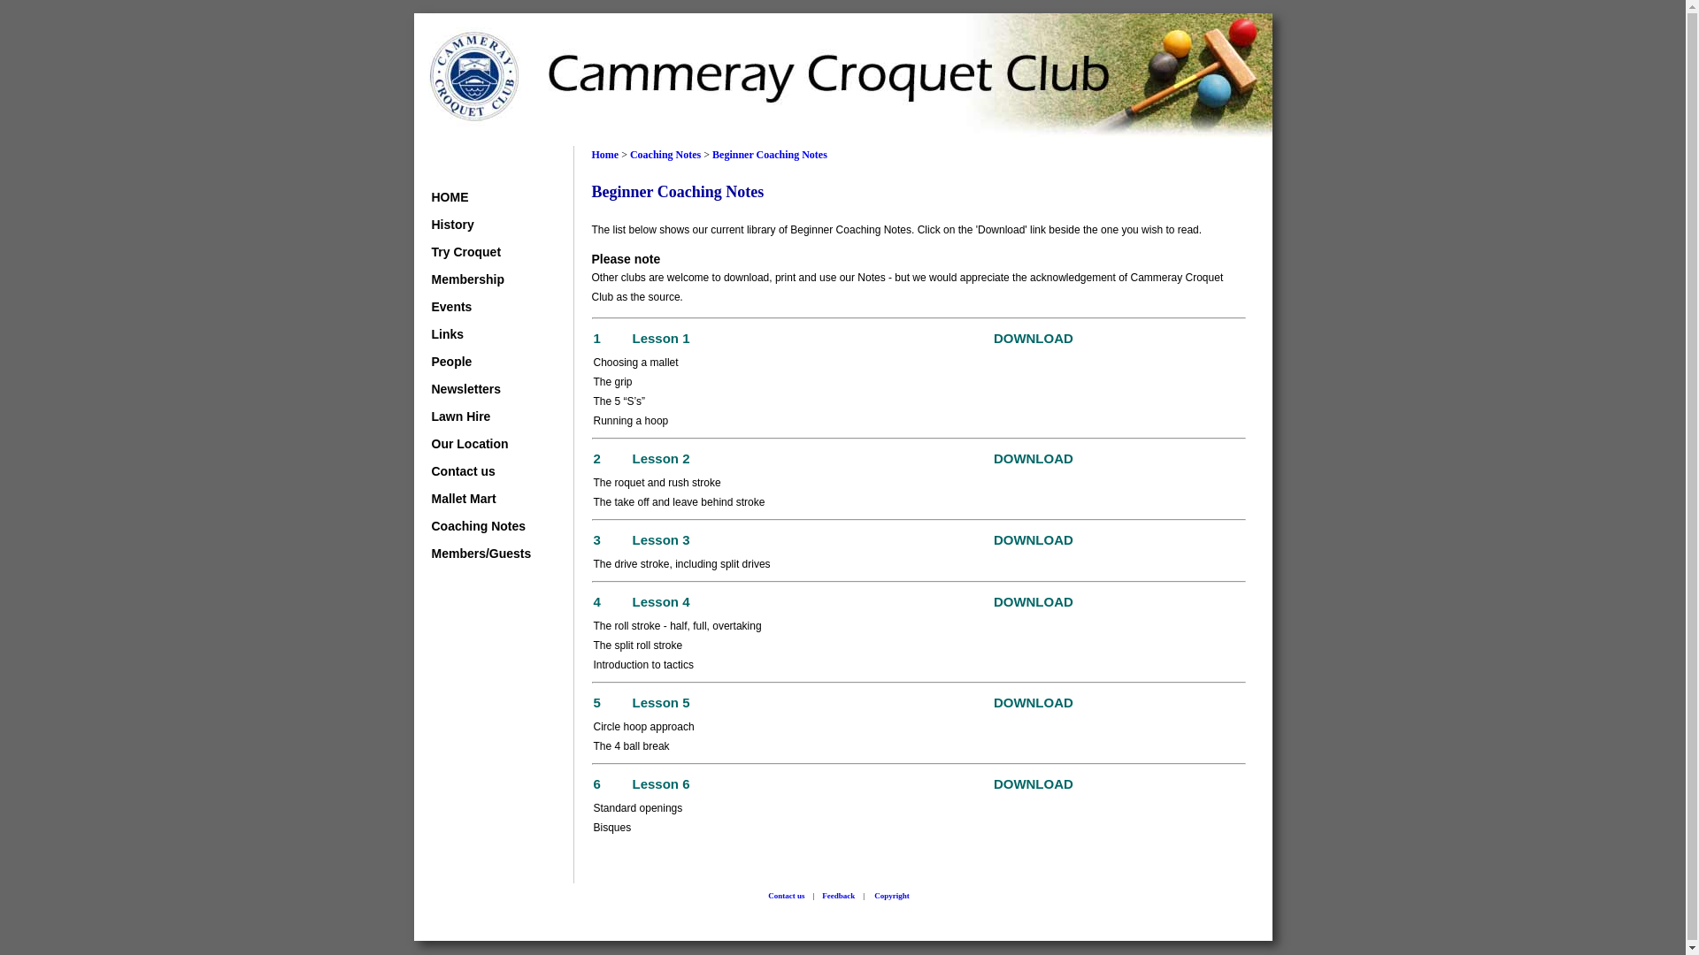 This screenshot has width=1699, height=955. Describe the element at coordinates (629, 153) in the screenshot. I see `'Coaching Notes'` at that location.